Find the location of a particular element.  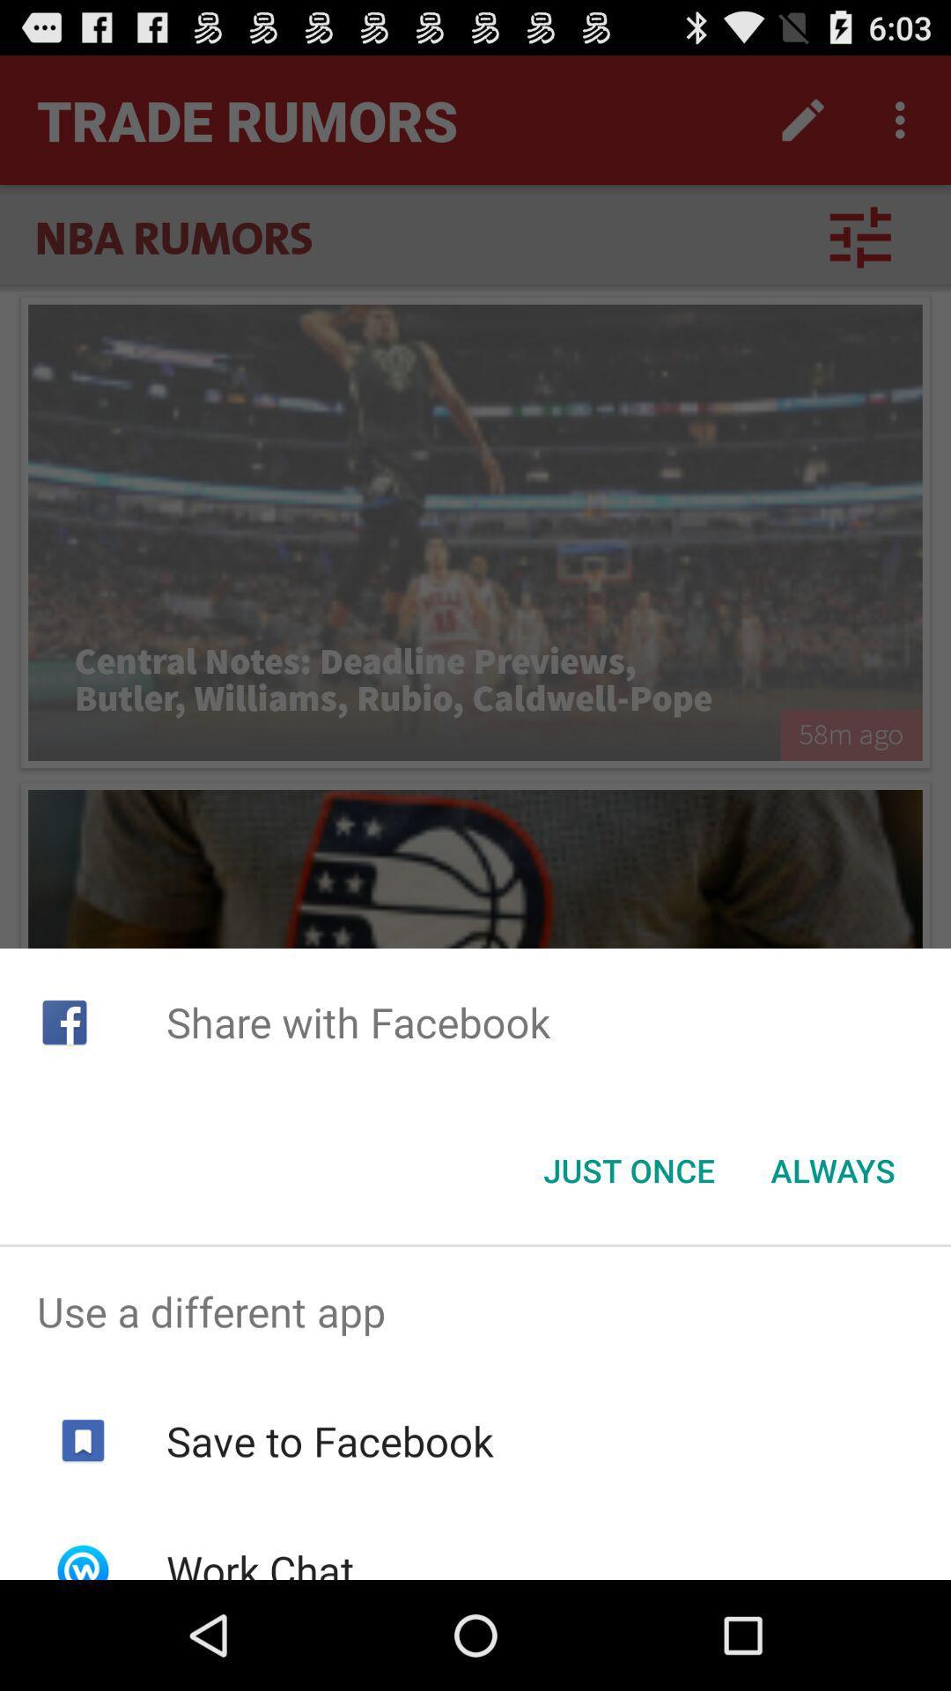

the button to the right of the just once icon is located at coordinates (832, 1170).